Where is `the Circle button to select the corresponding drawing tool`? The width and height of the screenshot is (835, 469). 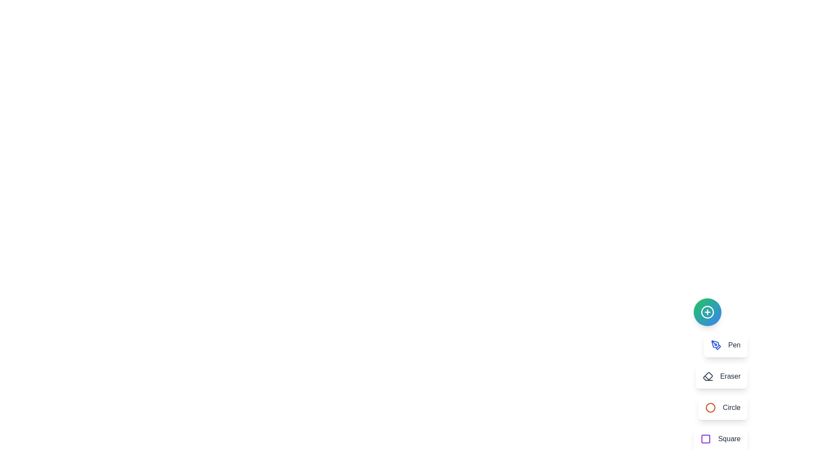
the Circle button to select the corresponding drawing tool is located at coordinates (723, 407).